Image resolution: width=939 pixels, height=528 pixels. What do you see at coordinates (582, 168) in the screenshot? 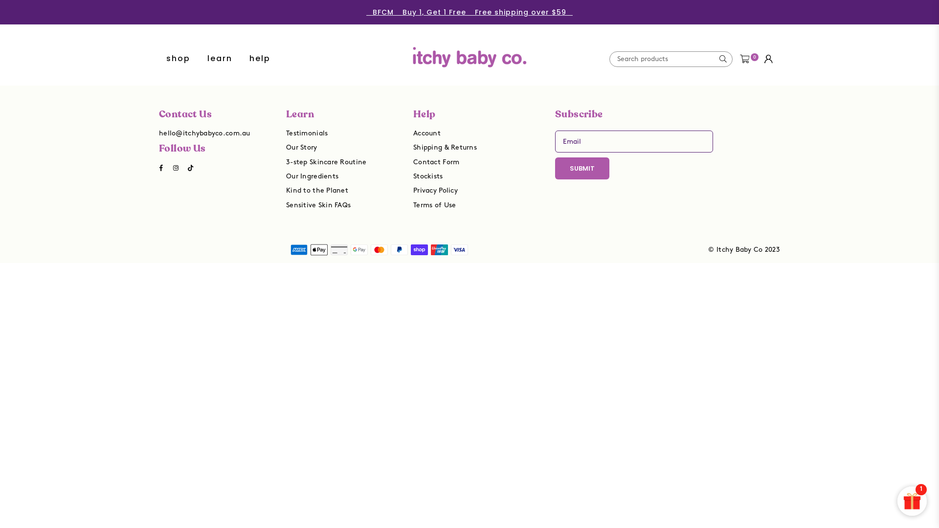
I see `'SUBMIT'` at bounding box center [582, 168].